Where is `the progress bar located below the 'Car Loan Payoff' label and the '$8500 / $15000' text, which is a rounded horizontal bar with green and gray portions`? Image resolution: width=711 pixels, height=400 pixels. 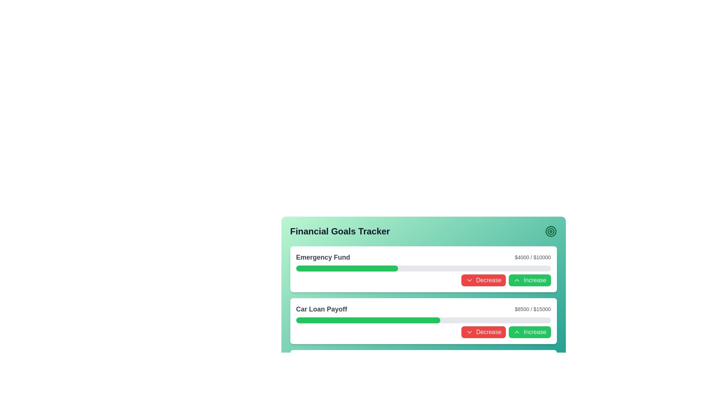 the progress bar located below the 'Car Loan Payoff' label and the '$8500 / $15000' text, which is a rounded horizontal bar with green and gray portions is located at coordinates (423, 320).